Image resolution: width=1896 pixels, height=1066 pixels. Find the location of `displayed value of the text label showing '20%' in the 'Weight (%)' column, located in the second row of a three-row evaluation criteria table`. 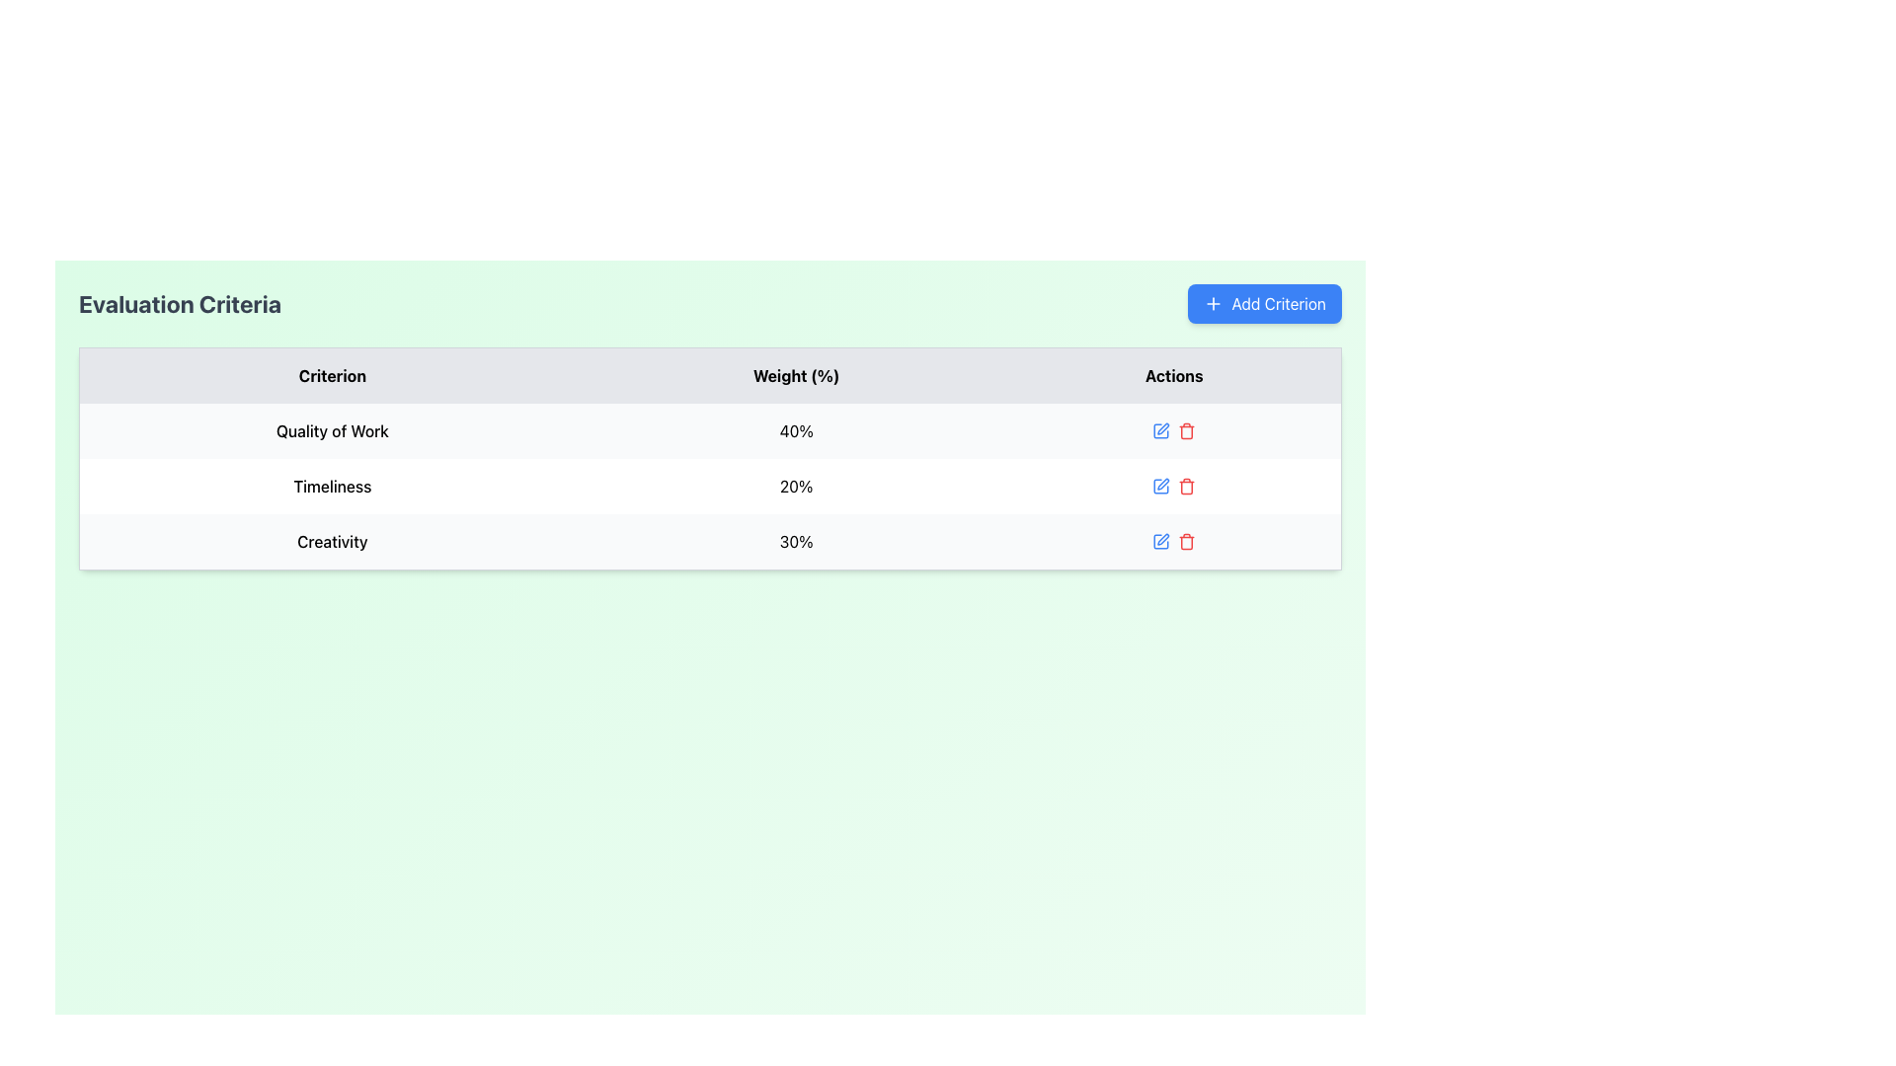

displayed value of the text label showing '20%' in the 'Weight (%)' column, located in the second row of a three-row evaluation criteria table is located at coordinates (796, 487).